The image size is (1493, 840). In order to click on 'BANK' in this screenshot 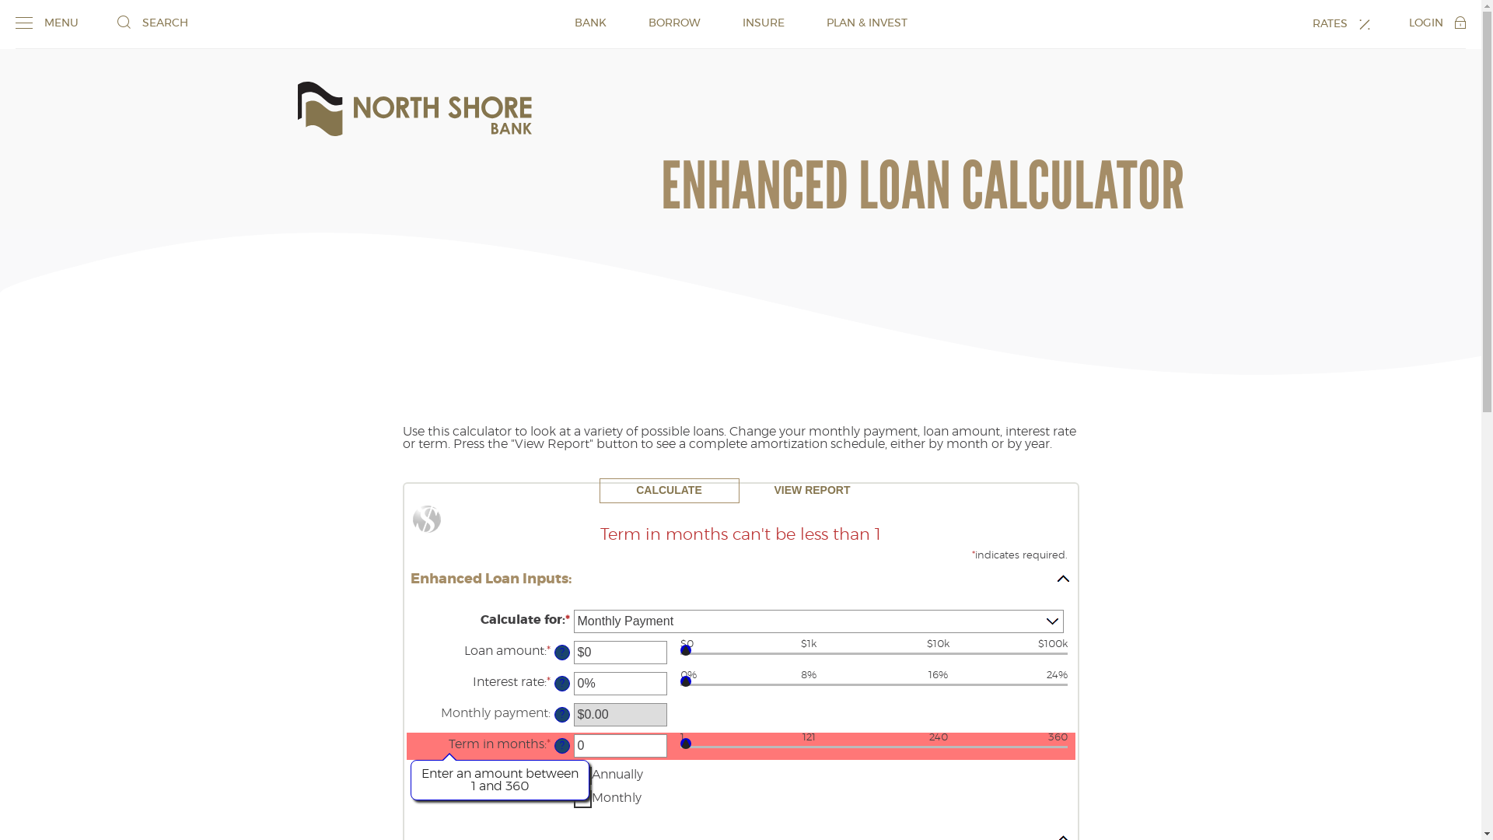, I will do `click(589, 23)`.